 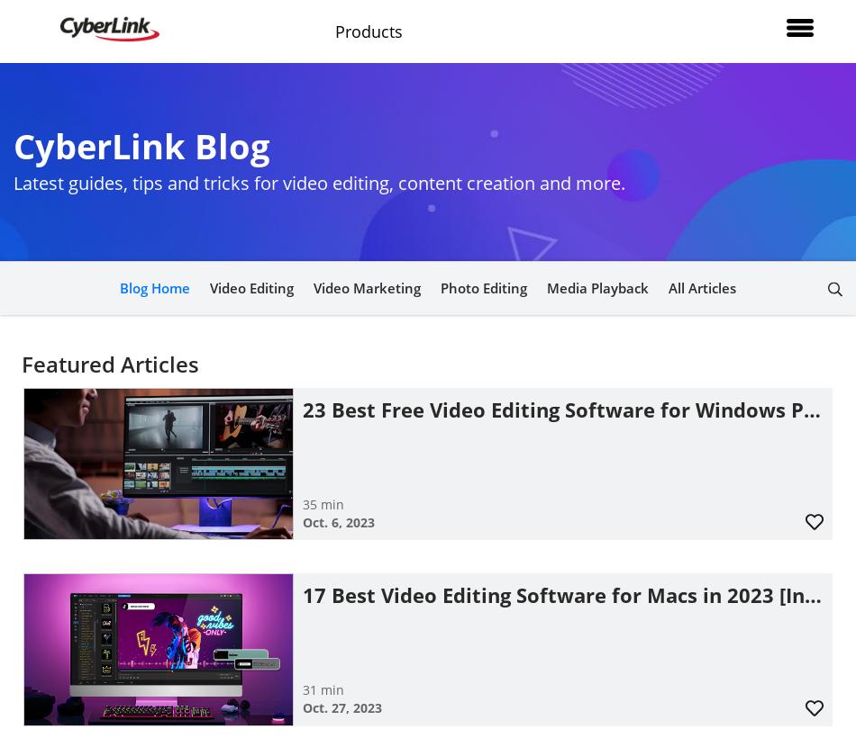 What do you see at coordinates (14, 183) in the screenshot?
I see `'Latest guides, tips and tricks for video editing, content creation and more.'` at bounding box center [14, 183].